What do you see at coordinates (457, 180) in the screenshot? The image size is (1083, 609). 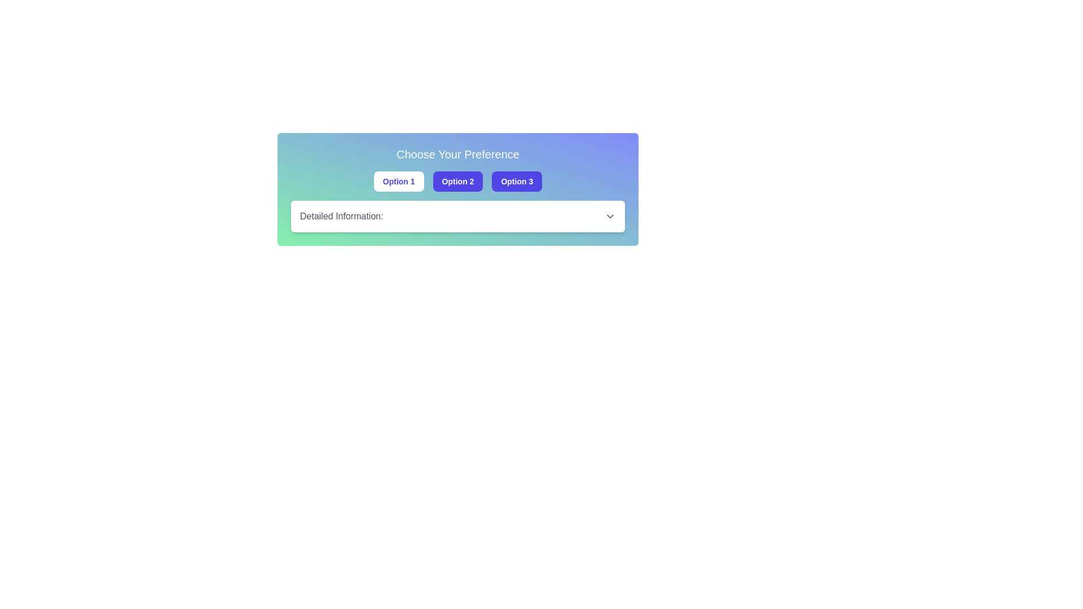 I see `the central button of the selectable option group labeled 'Option 2'` at bounding box center [457, 180].